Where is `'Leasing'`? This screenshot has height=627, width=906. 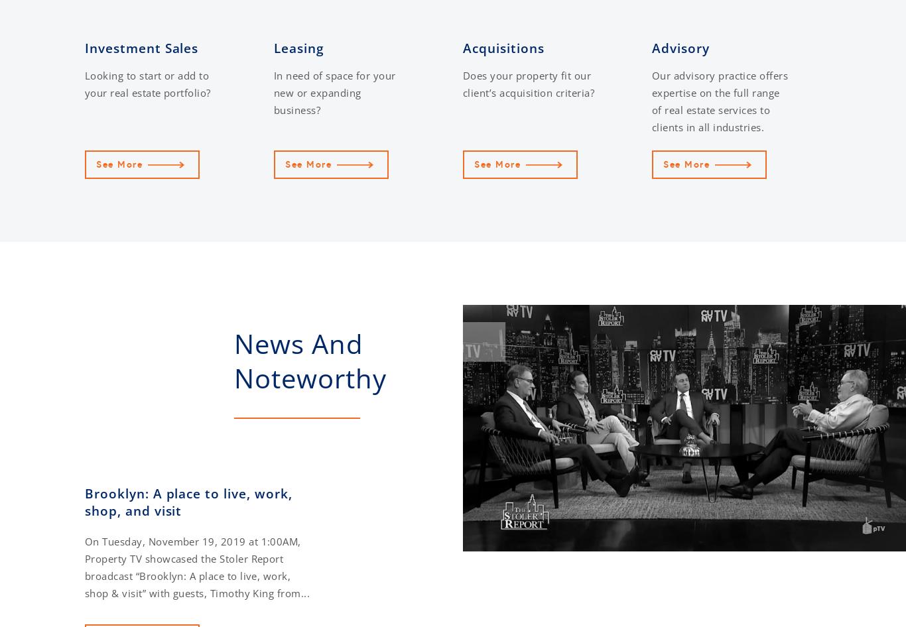
'Leasing' is located at coordinates (298, 48).